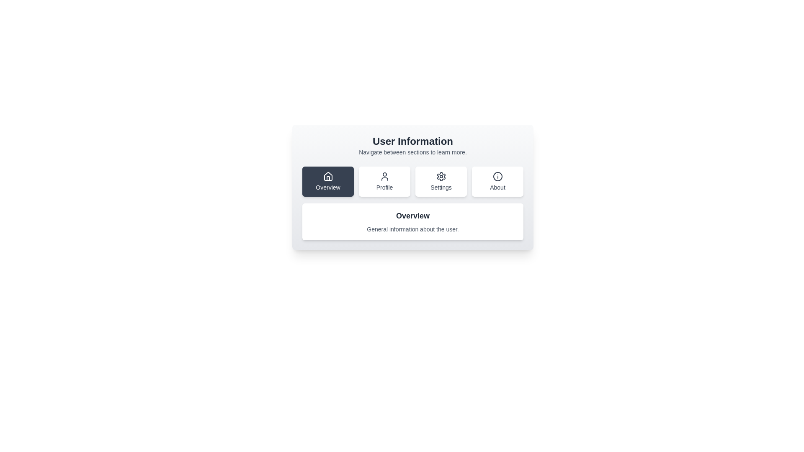  I want to click on the user icon representing a person's head and shoulders within the 'Profile' button, so click(384, 176).